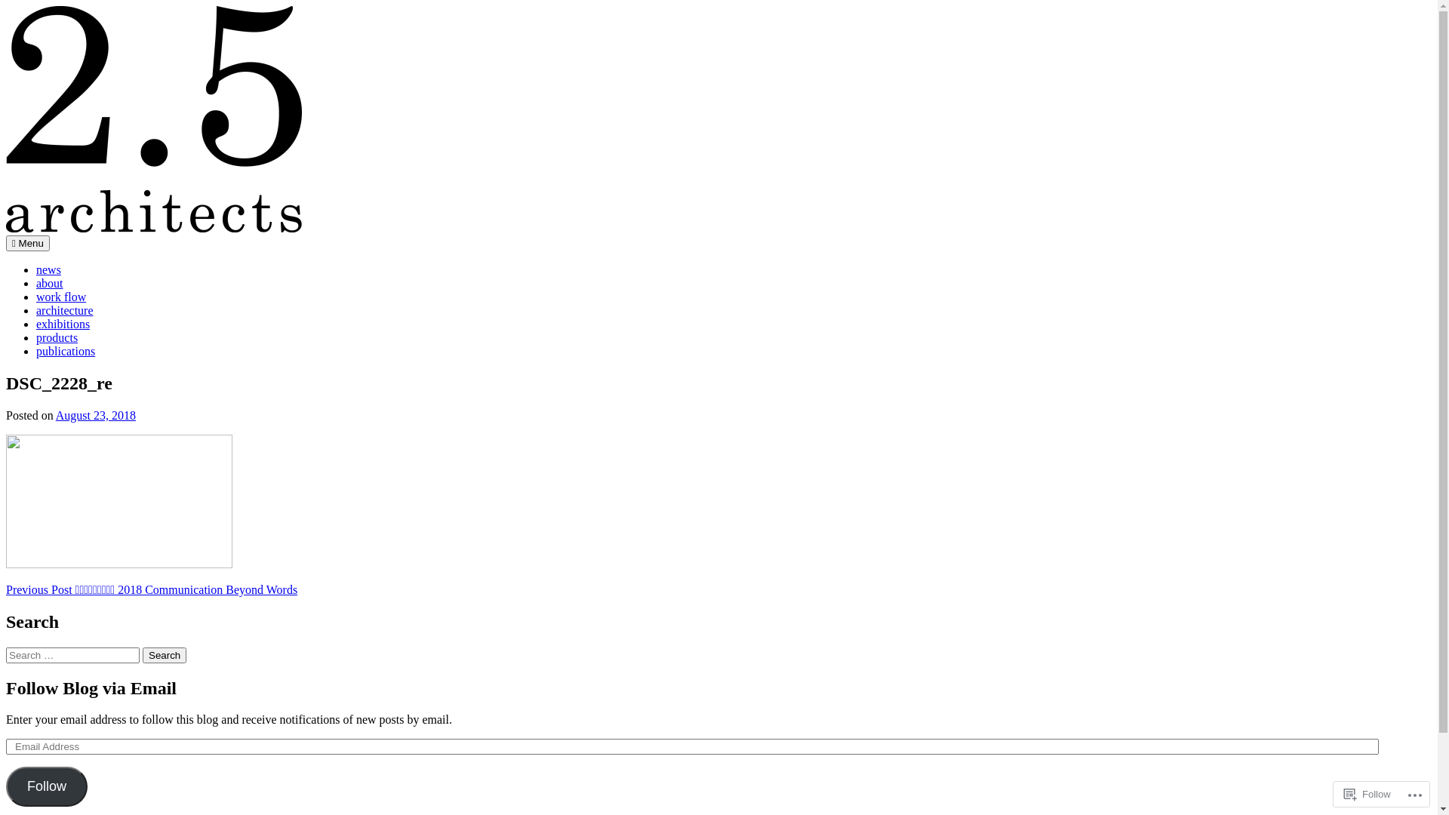 This screenshot has width=1449, height=815. Describe the element at coordinates (94, 415) in the screenshot. I see `'August 23, 2018'` at that location.